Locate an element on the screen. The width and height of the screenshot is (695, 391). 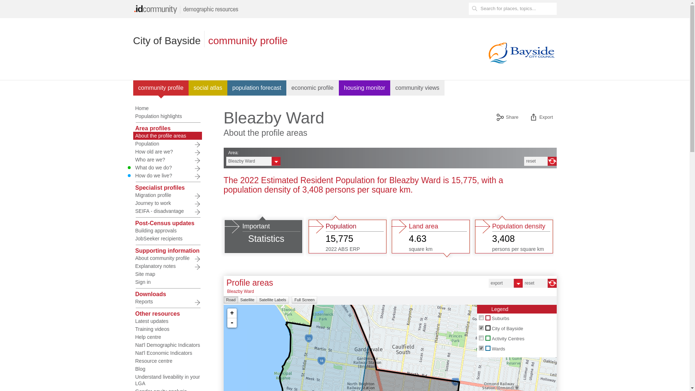
'How old are we? is located at coordinates (133, 151).